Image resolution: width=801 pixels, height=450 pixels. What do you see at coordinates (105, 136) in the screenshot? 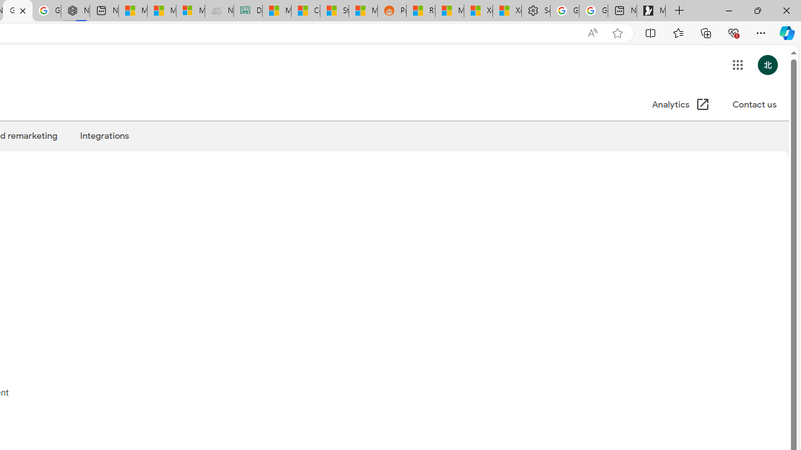
I see `'Integrations'` at bounding box center [105, 136].